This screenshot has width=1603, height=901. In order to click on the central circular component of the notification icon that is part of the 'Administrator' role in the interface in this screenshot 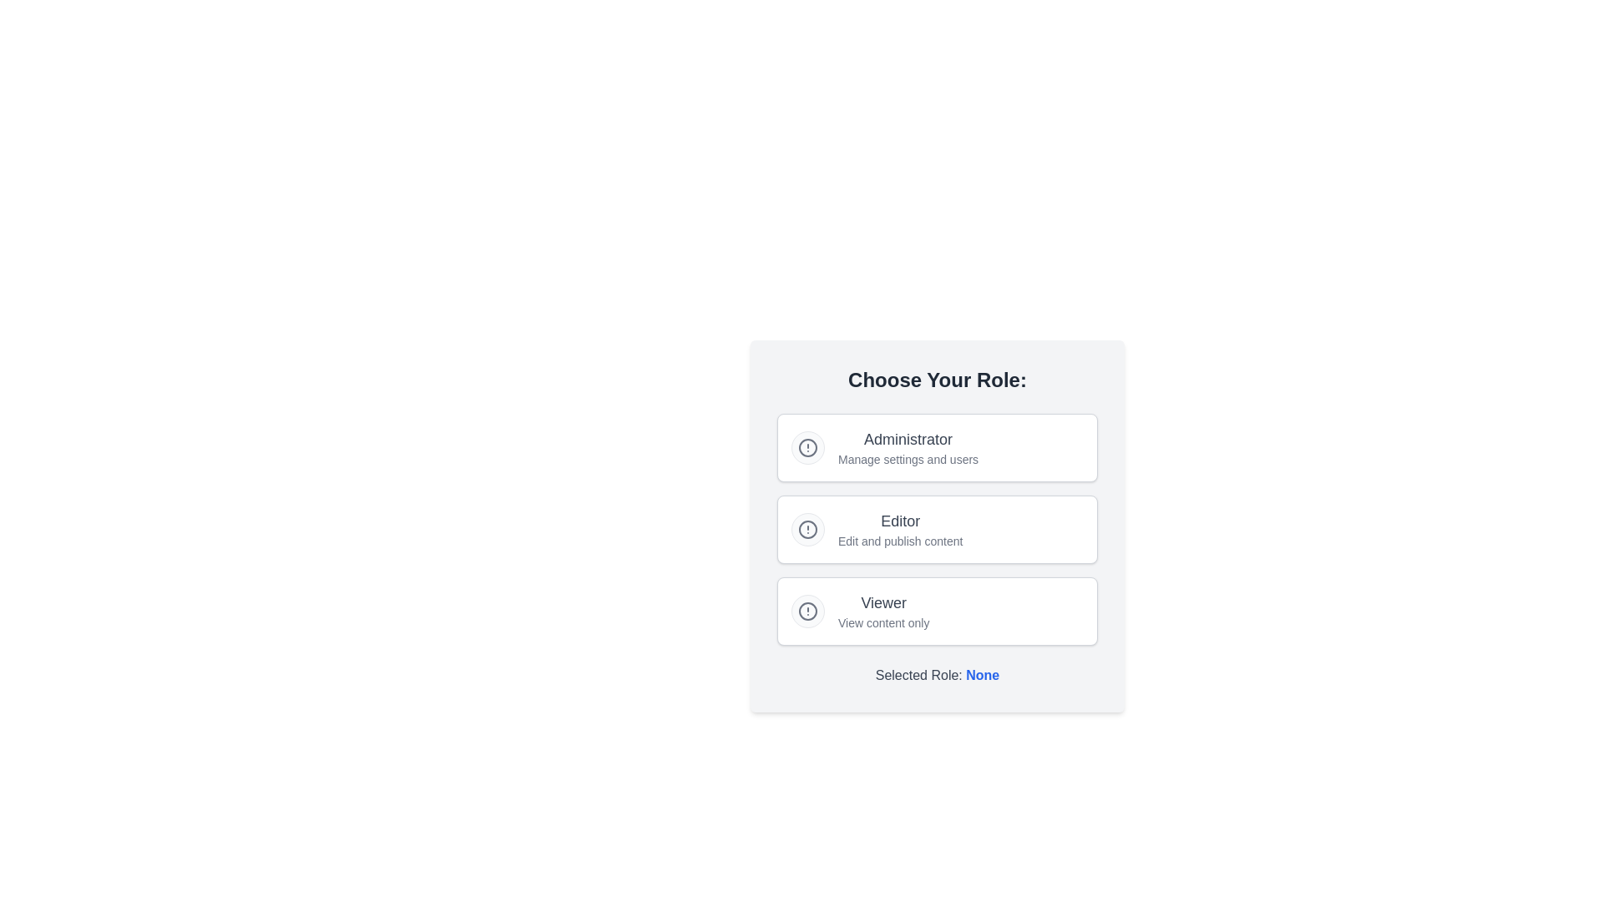, I will do `click(808, 446)`.